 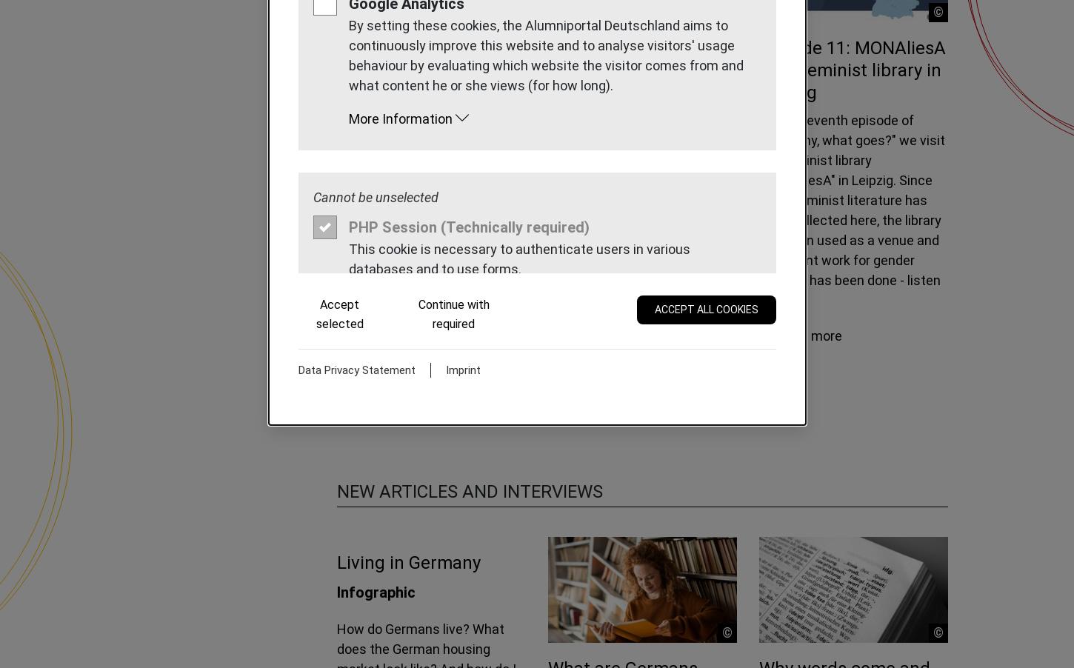 I want to click on 'Episode 11: MONAliesA - the feminist library in Leipzig', so click(x=759, y=69).